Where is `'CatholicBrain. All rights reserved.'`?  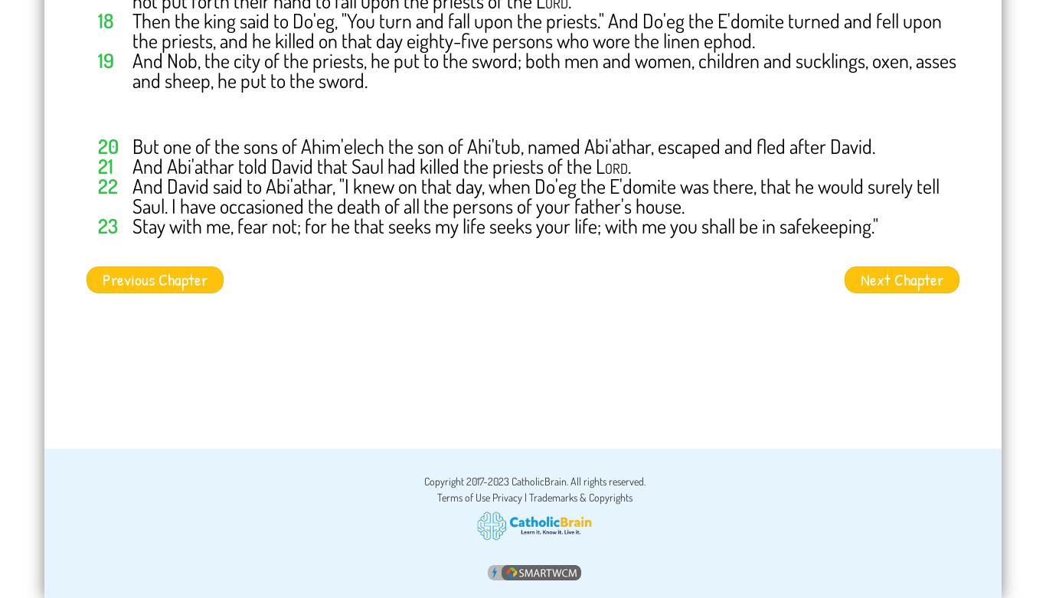
'CatholicBrain. All rights reserved.' is located at coordinates (576, 480).